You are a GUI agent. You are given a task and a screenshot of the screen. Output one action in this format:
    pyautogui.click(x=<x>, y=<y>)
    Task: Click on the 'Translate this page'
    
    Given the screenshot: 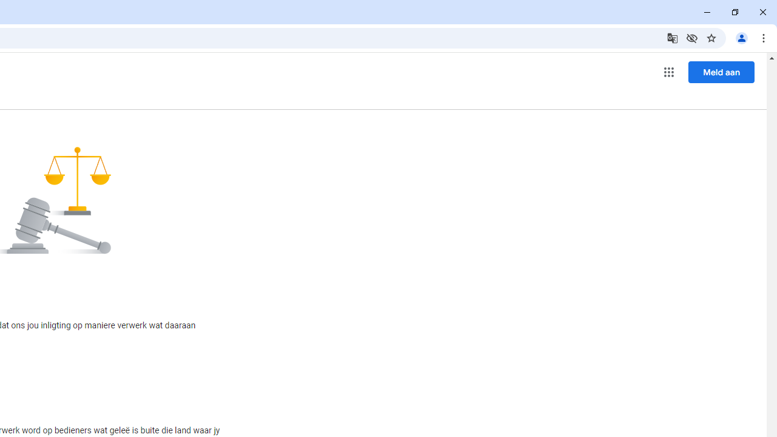 What is the action you would take?
    pyautogui.click(x=671, y=37)
    